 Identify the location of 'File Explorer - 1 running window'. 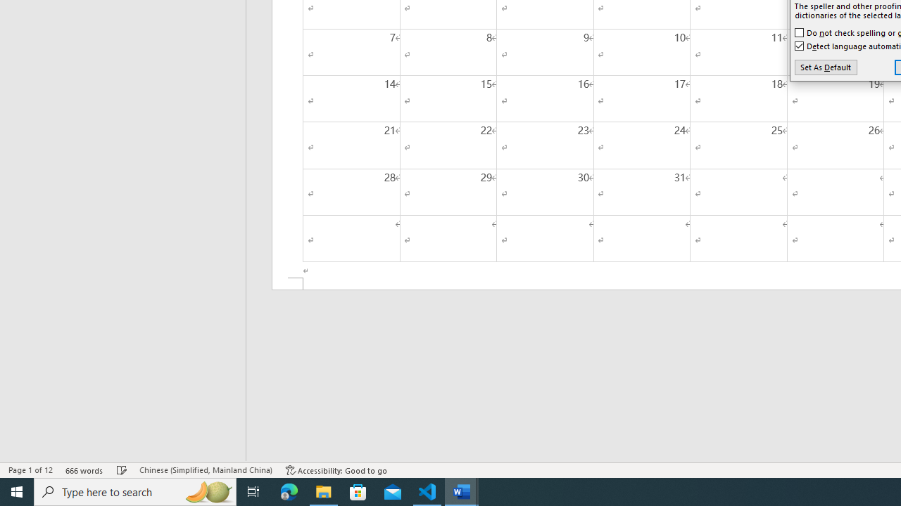
(323, 491).